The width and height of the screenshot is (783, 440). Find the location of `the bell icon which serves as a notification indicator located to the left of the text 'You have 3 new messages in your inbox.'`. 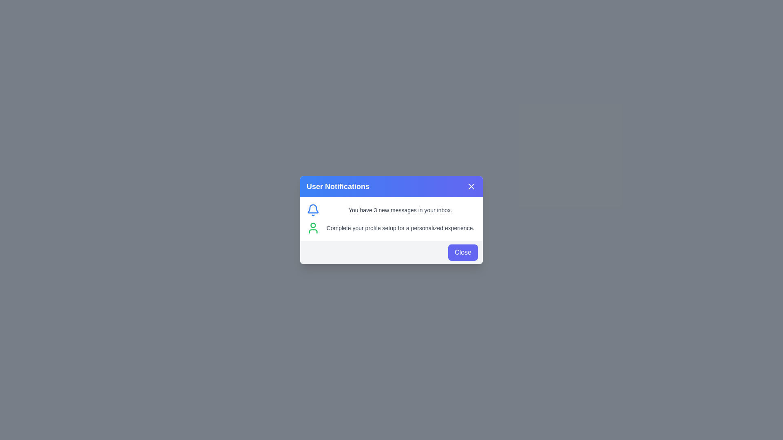

the bell icon which serves as a notification indicator located to the left of the text 'You have 3 new messages in your inbox.' is located at coordinates (313, 210).